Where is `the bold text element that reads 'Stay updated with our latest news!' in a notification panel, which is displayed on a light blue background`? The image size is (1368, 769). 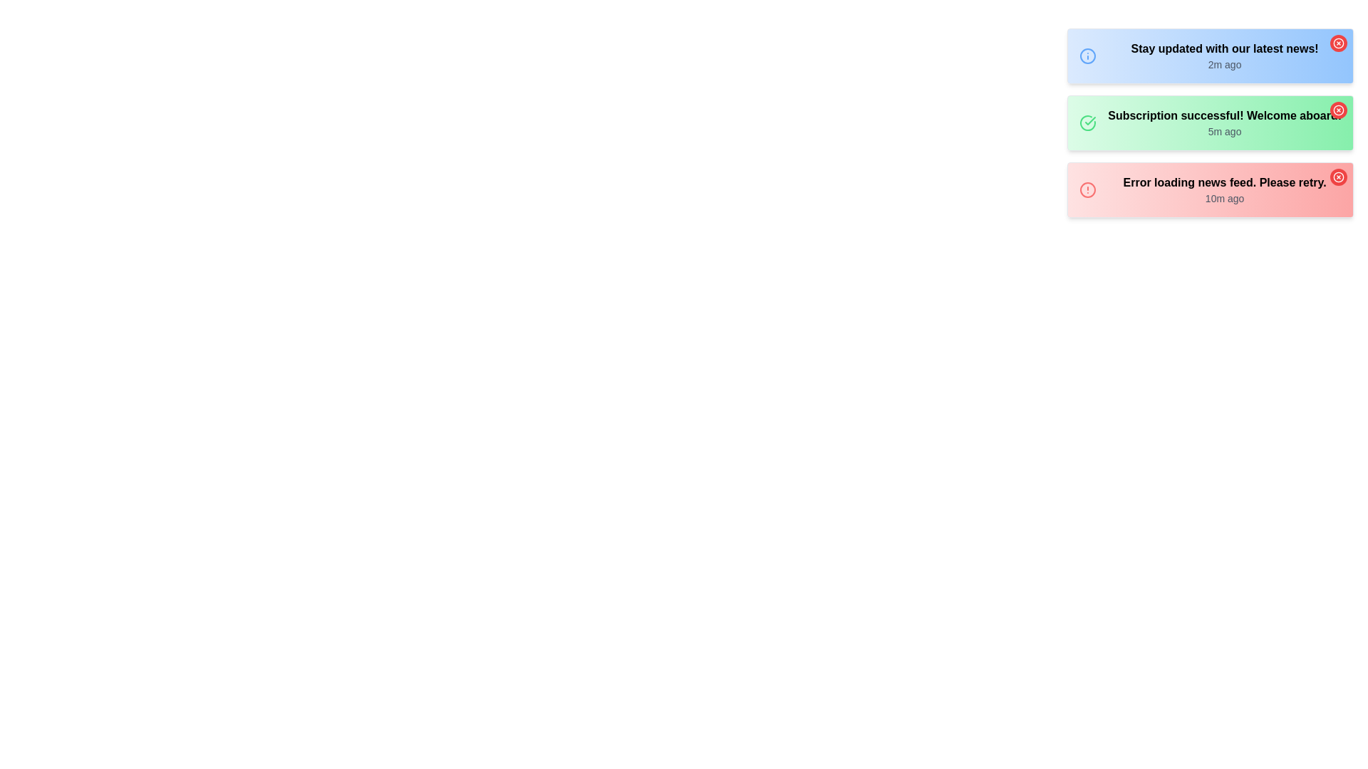 the bold text element that reads 'Stay updated with our latest news!' in a notification panel, which is displayed on a light blue background is located at coordinates (1224, 48).